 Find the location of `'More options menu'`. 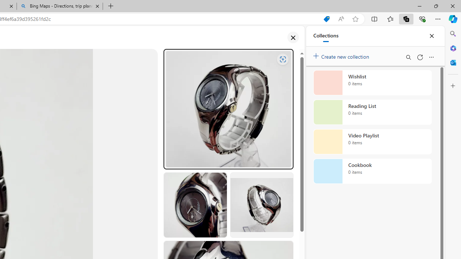

'More options menu' is located at coordinates (431, 57).